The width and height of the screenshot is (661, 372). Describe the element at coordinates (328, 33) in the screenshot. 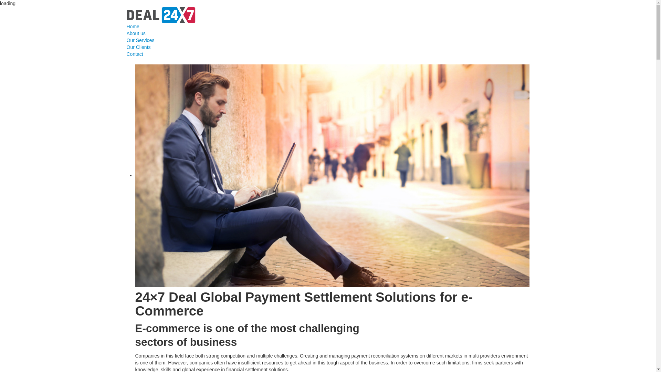

I see `'About us'` at that location.